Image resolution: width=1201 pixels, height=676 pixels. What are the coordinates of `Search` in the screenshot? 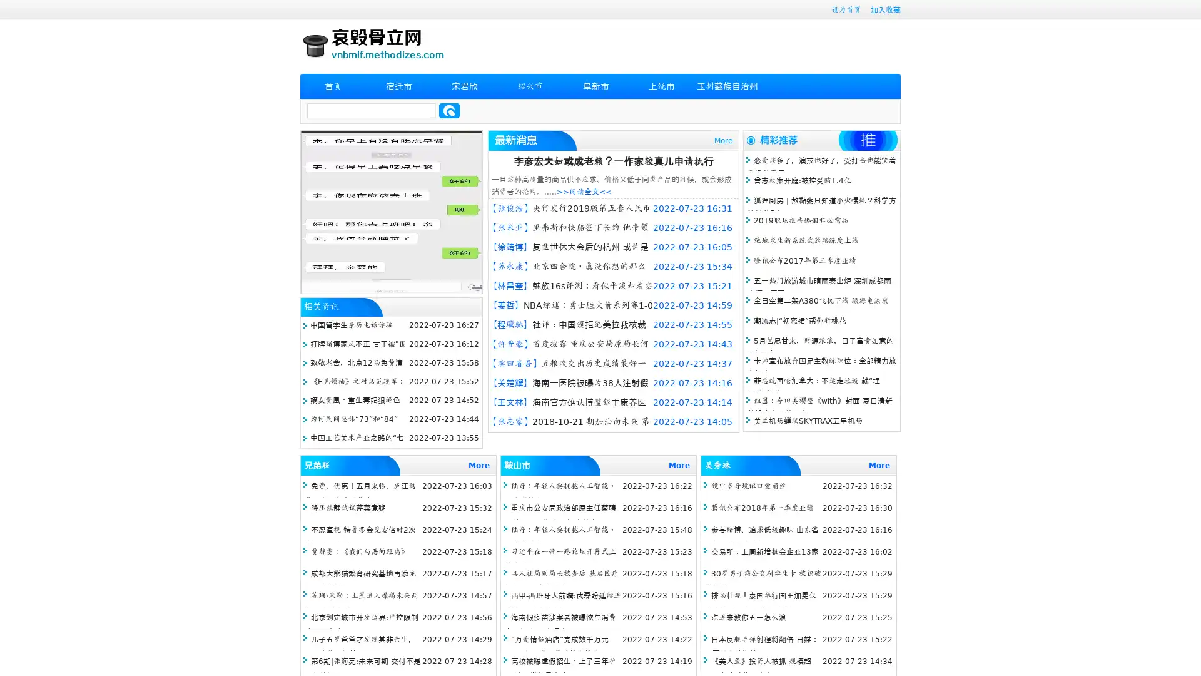 It's located at (449, 110).